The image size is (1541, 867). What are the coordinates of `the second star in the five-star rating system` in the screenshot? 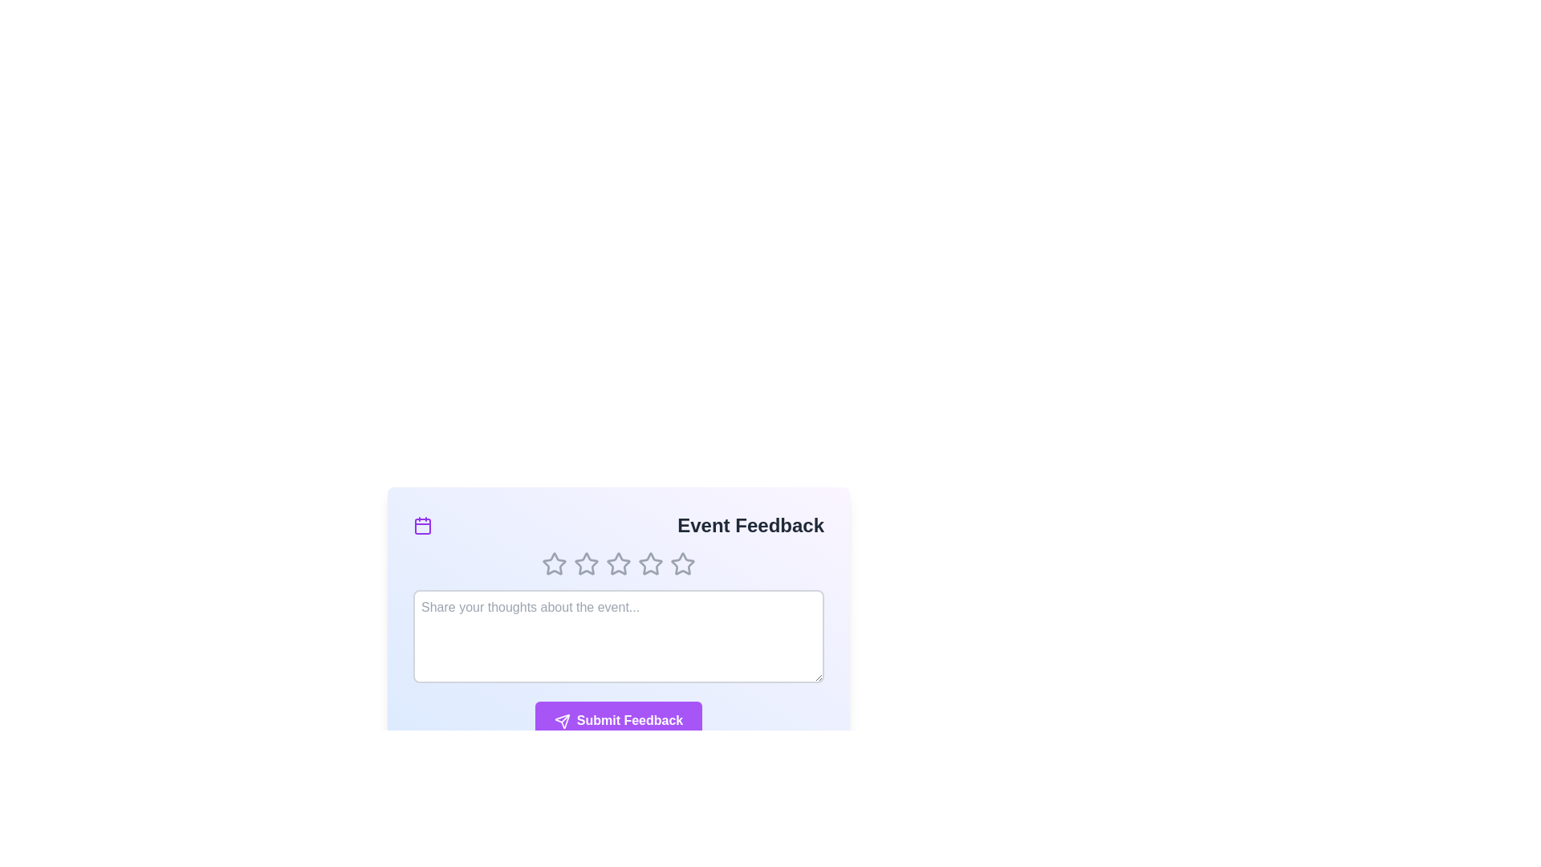 It's located at (651, 563).